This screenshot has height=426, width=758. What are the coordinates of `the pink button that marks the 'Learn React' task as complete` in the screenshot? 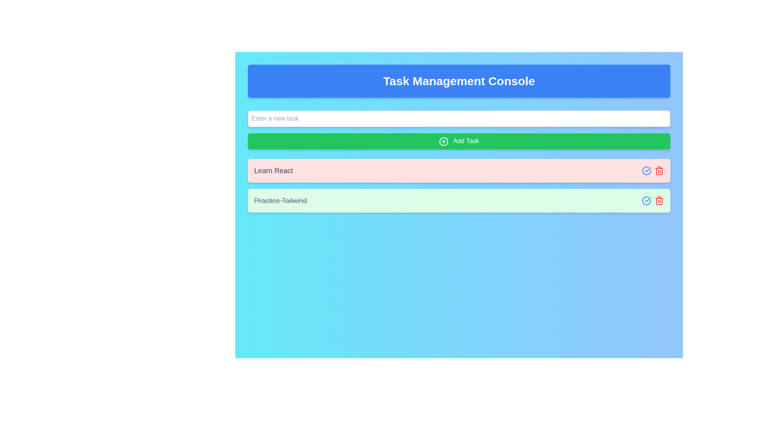 It's located at (646, 170).